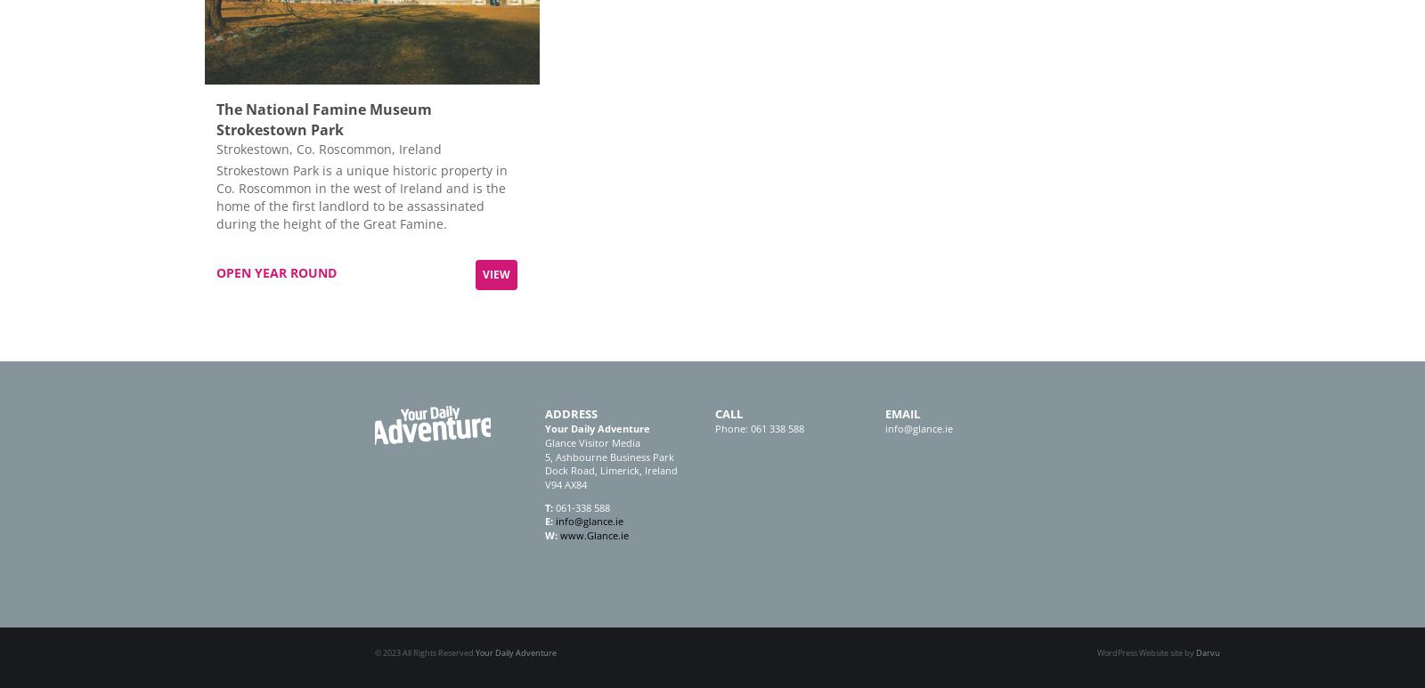 Image resolution: width=1425 pixels, height=688 pixels. What do you see at coordinates (609, 456) in the screenshot?
I see `'5, Ashbourne Business Park'` at bounding box center [609, 456].